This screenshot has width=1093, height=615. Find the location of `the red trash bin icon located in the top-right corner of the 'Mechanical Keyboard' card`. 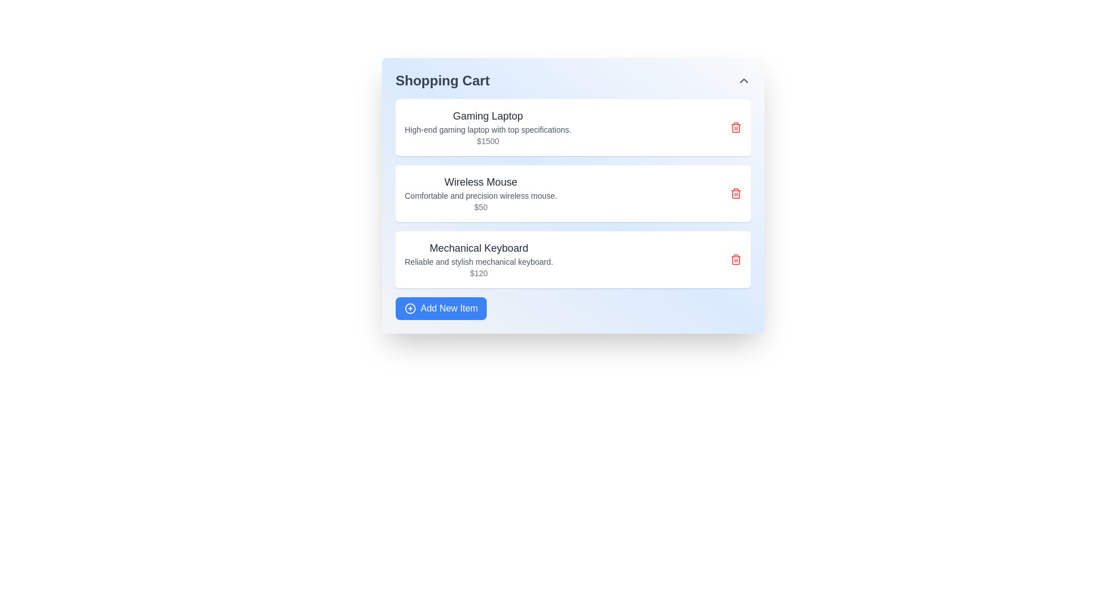

the red trash bin icon located in the top-right corner of the 'Mechanical Keyboard' card is located at coordinates (735, 259).